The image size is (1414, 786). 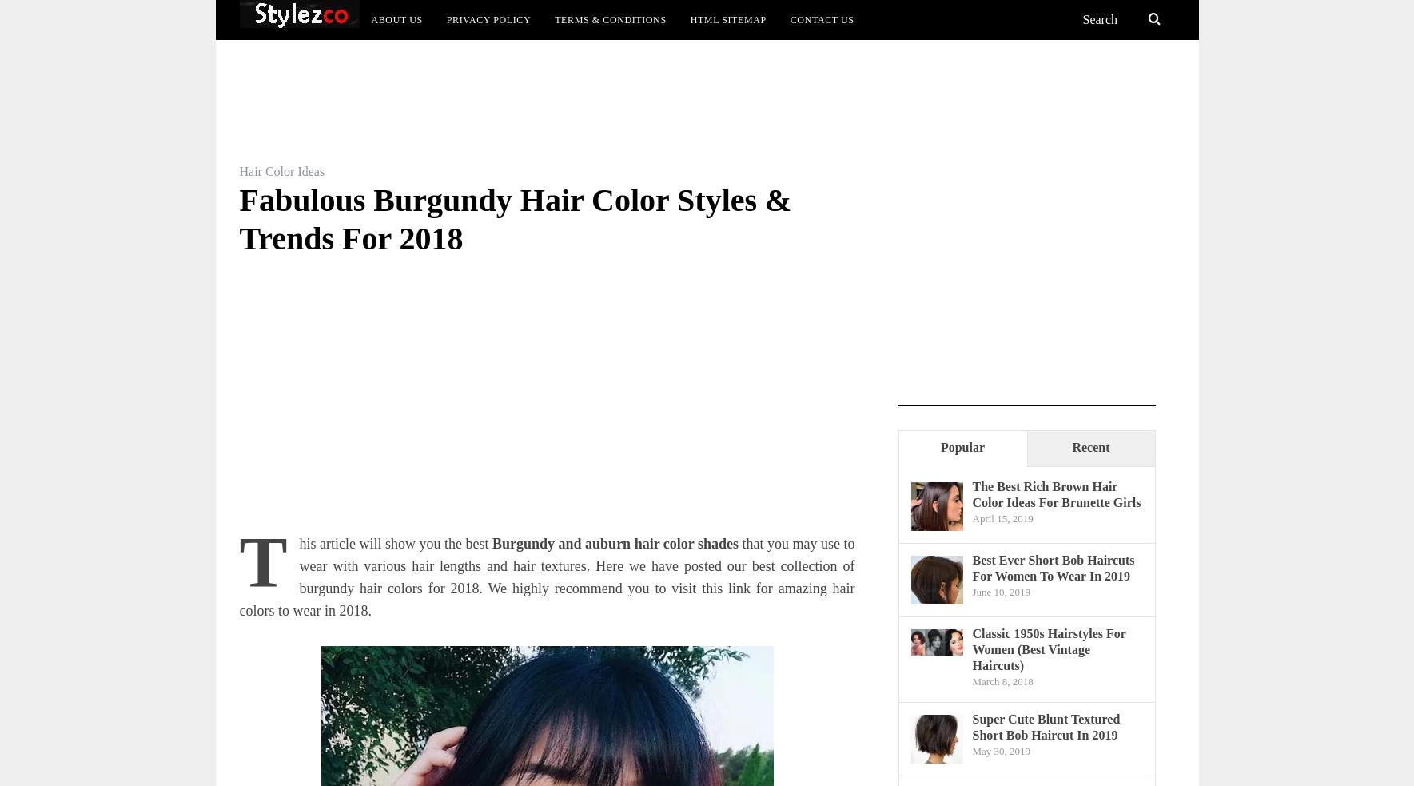 I want to click on 'Contact Us', so click(x=821, y=18).